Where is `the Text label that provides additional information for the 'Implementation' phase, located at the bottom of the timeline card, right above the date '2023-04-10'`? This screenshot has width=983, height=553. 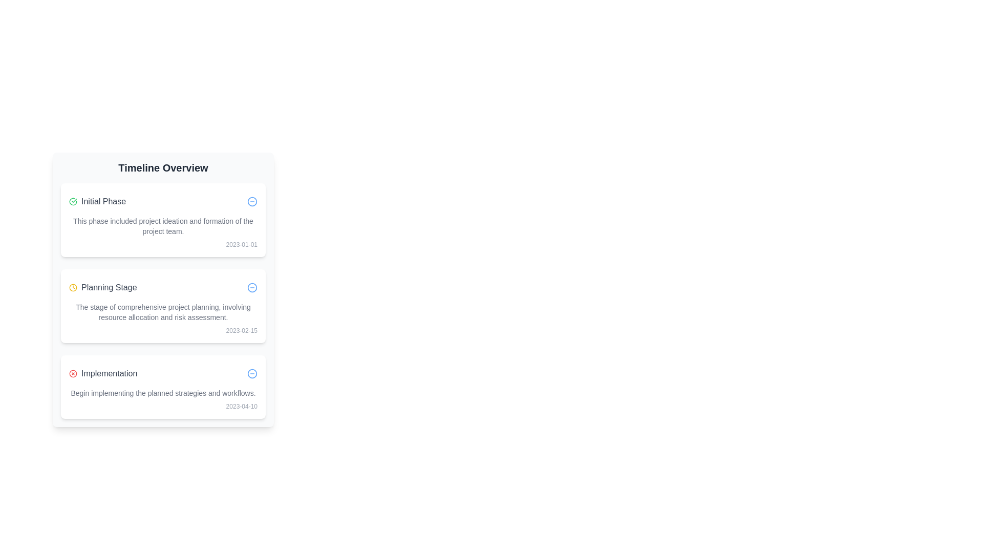 the Text label that provides additional information for the 'Implementation' phase, located at the bottom of the timeline card, right above the date '2023-04-10' is located at coordinates (162, 392).